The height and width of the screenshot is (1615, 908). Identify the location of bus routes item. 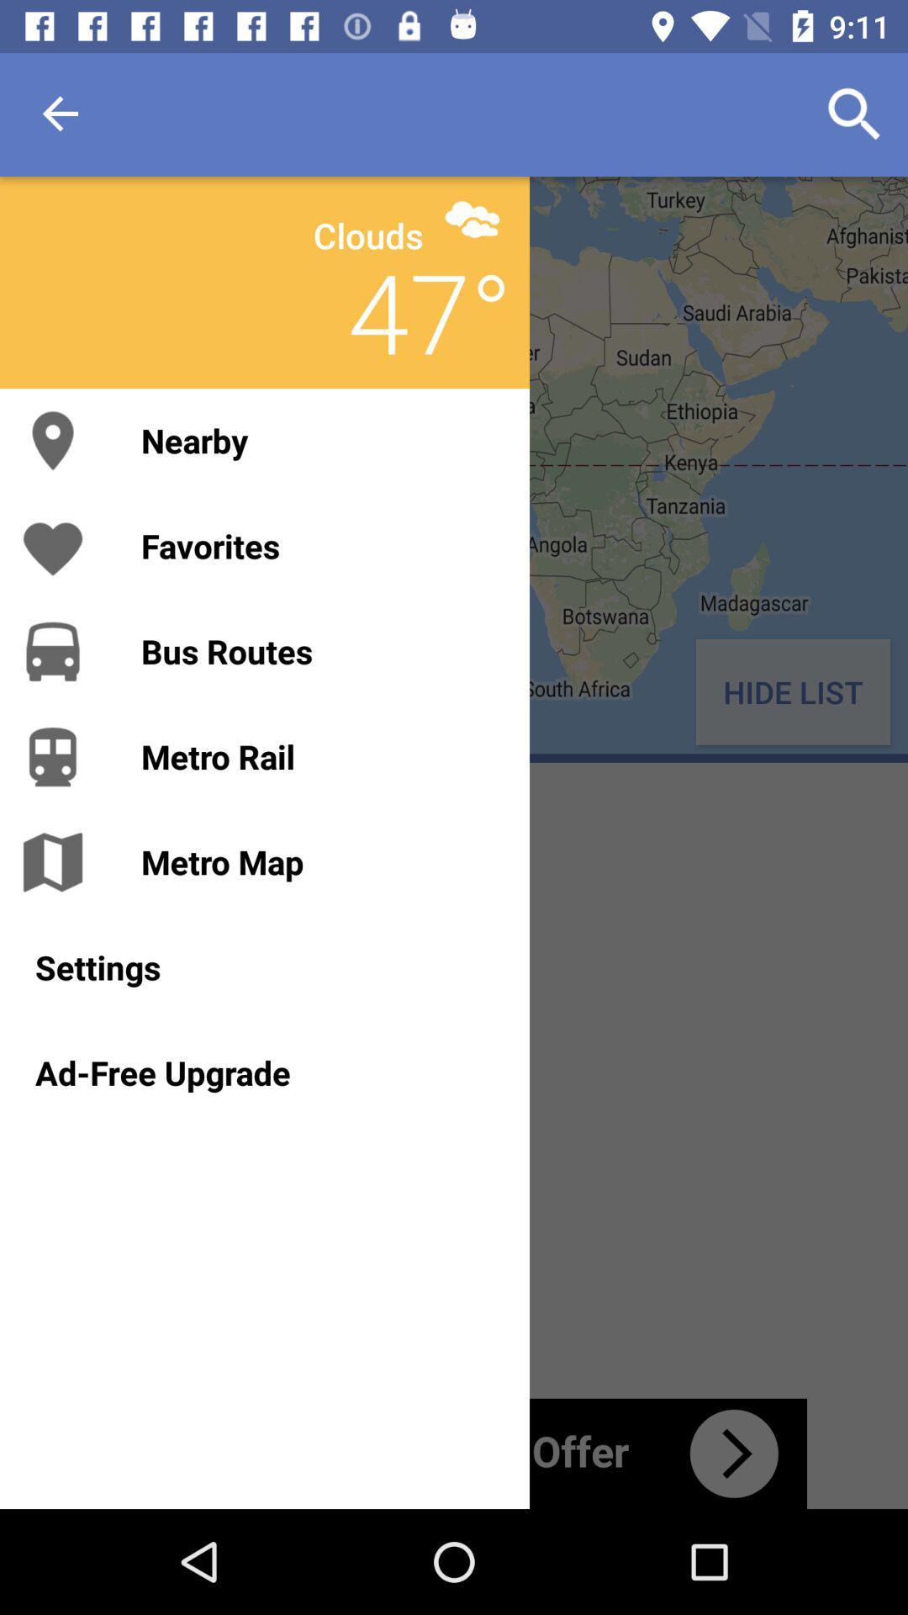
(318, 650).